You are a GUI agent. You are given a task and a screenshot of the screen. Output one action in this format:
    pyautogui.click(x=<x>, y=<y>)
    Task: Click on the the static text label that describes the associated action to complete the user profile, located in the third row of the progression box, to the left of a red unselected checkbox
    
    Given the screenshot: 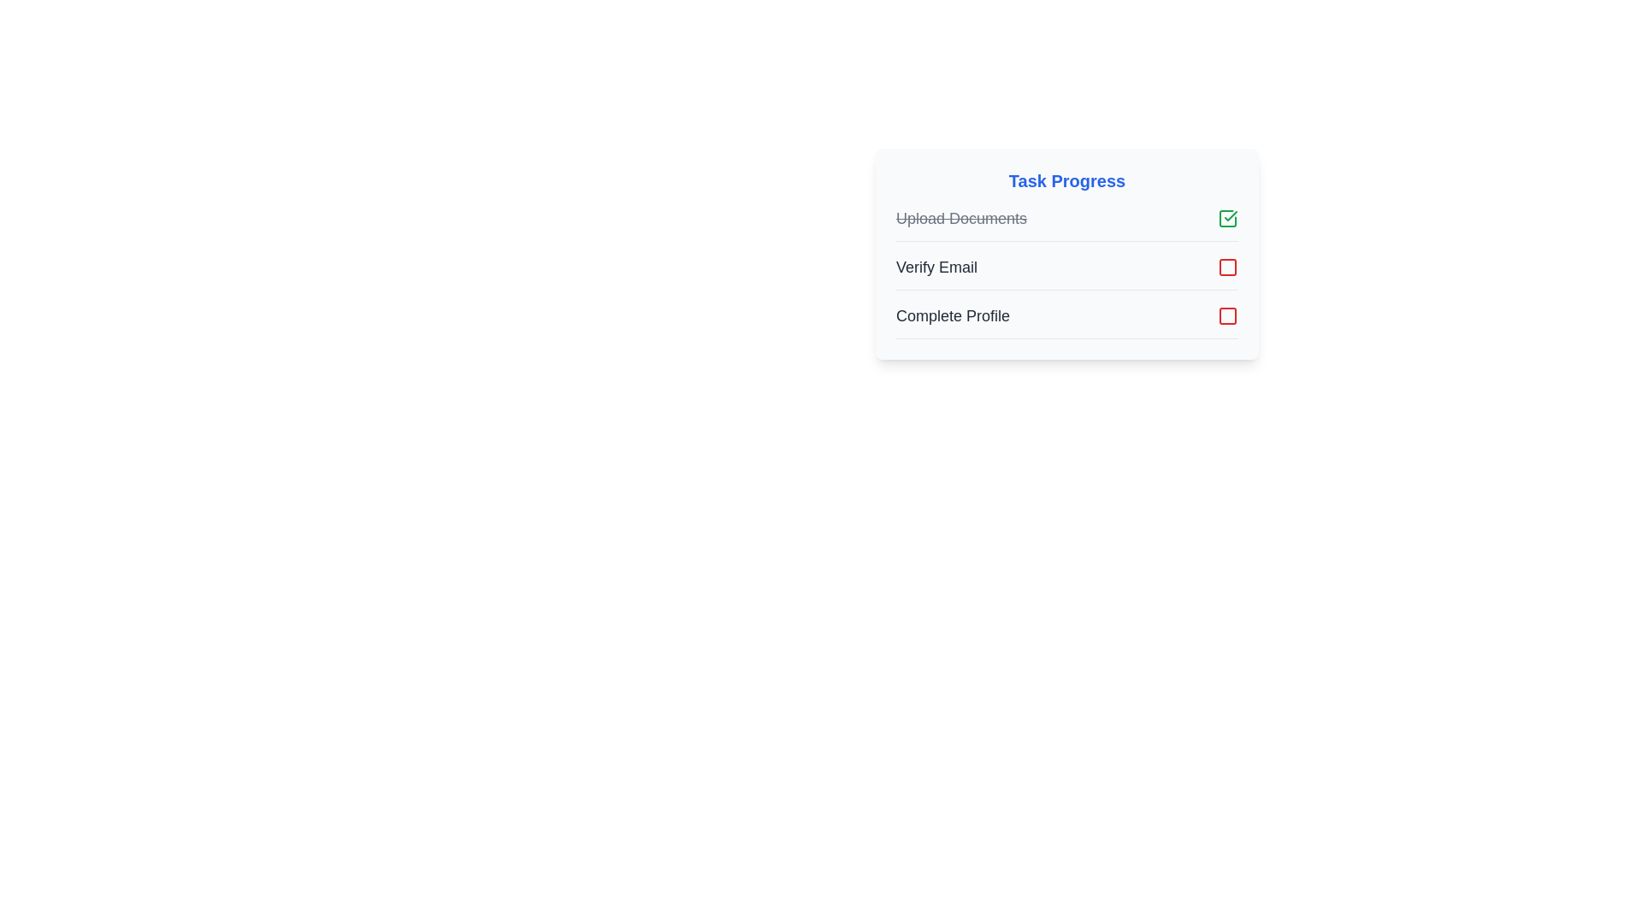 What is the action you would take?
    pyautogui.click(x=952, y=316)
    